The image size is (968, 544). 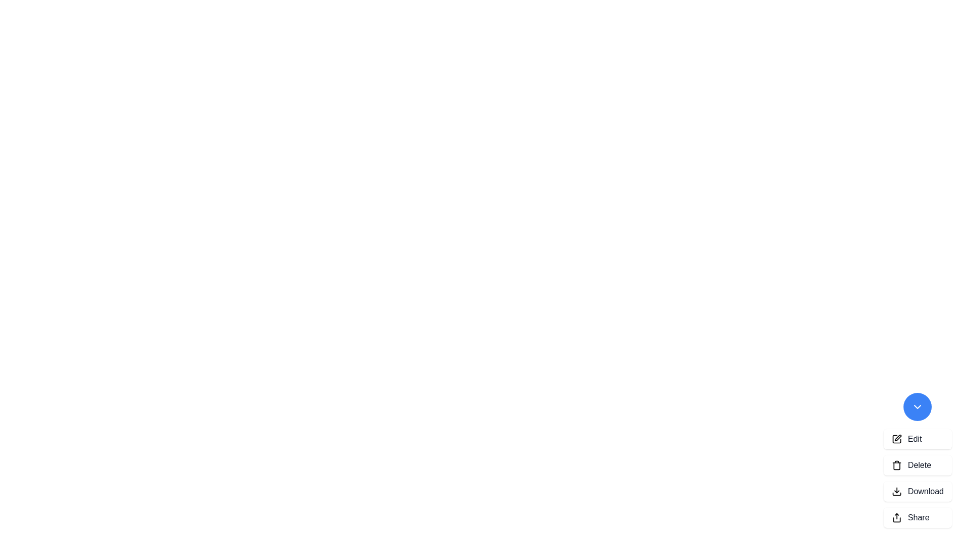 I want to click on the 'Download' button to select the 'Download' action, so click(x=917, y=491).